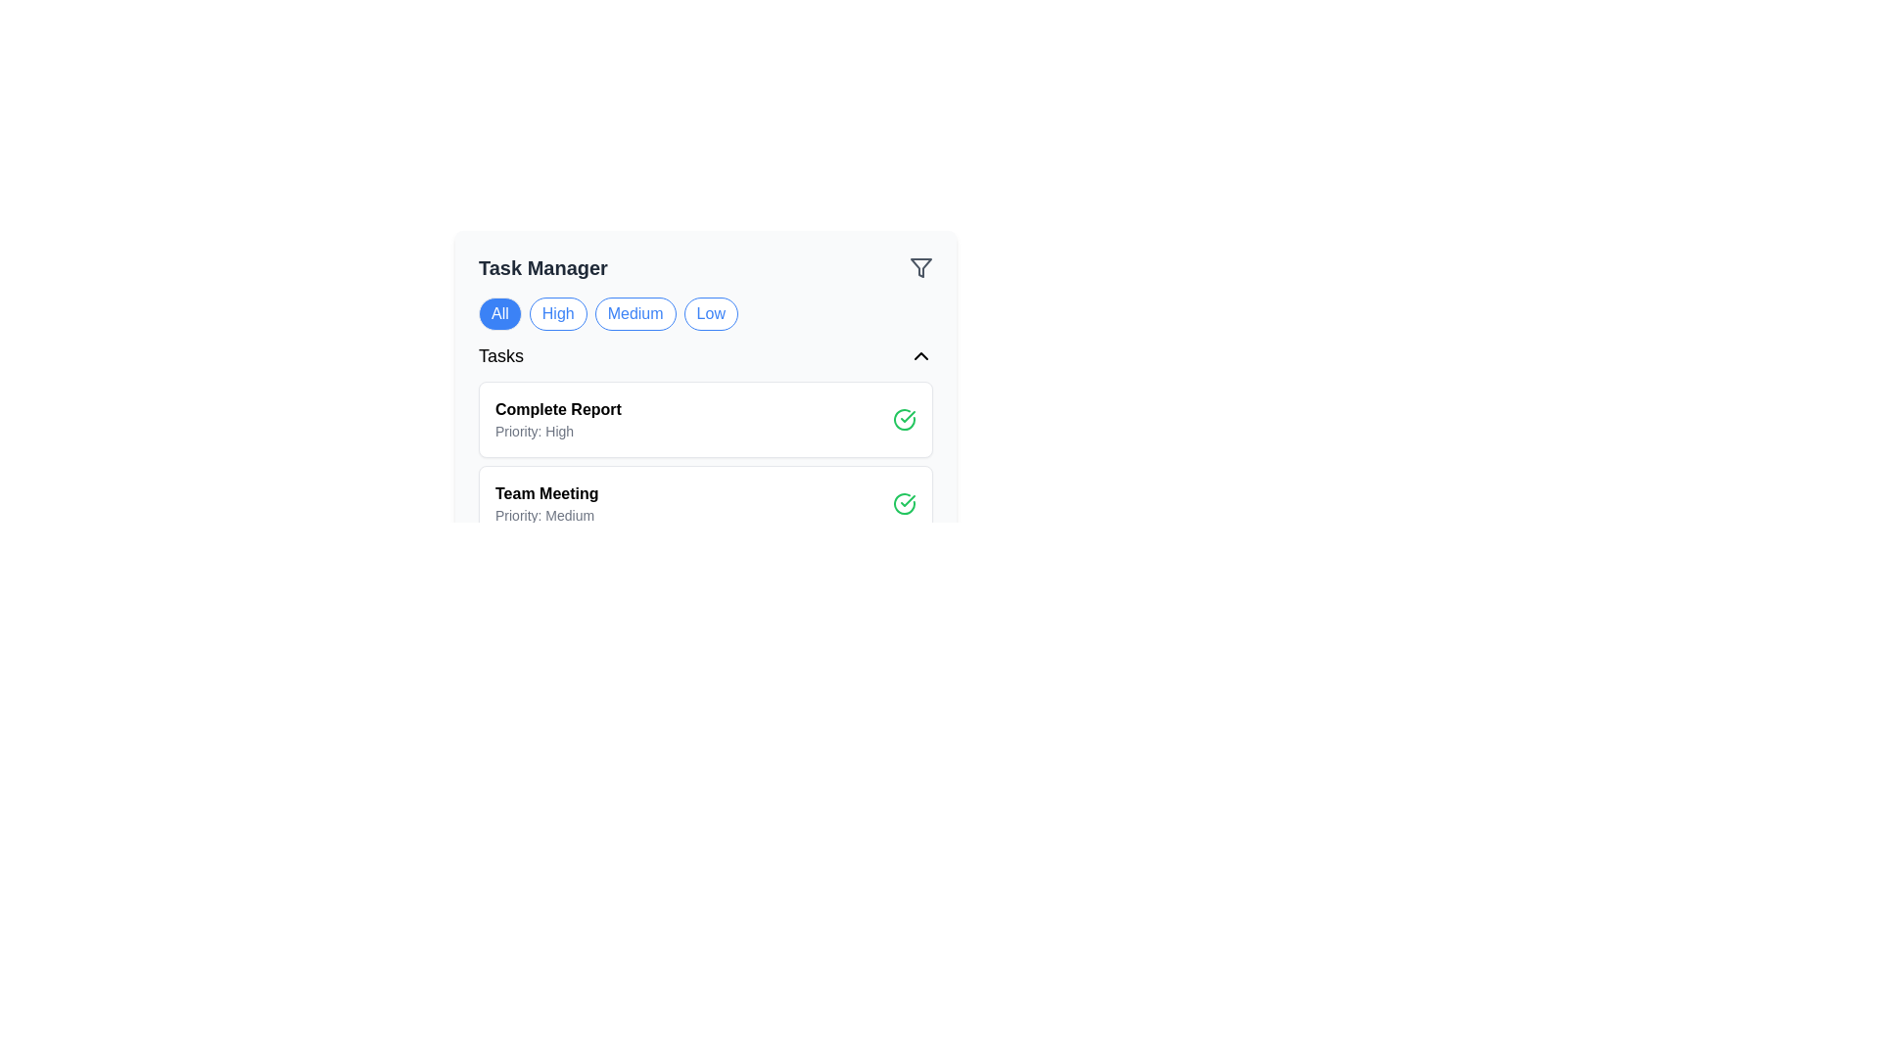  What do you see at coordinates (907, 500) in the screenshot?
I see `the vector icon component that signifies task completion, located inside a circular badge to the right of the task title 'Complete Report'` at bounding box center [907, 500].